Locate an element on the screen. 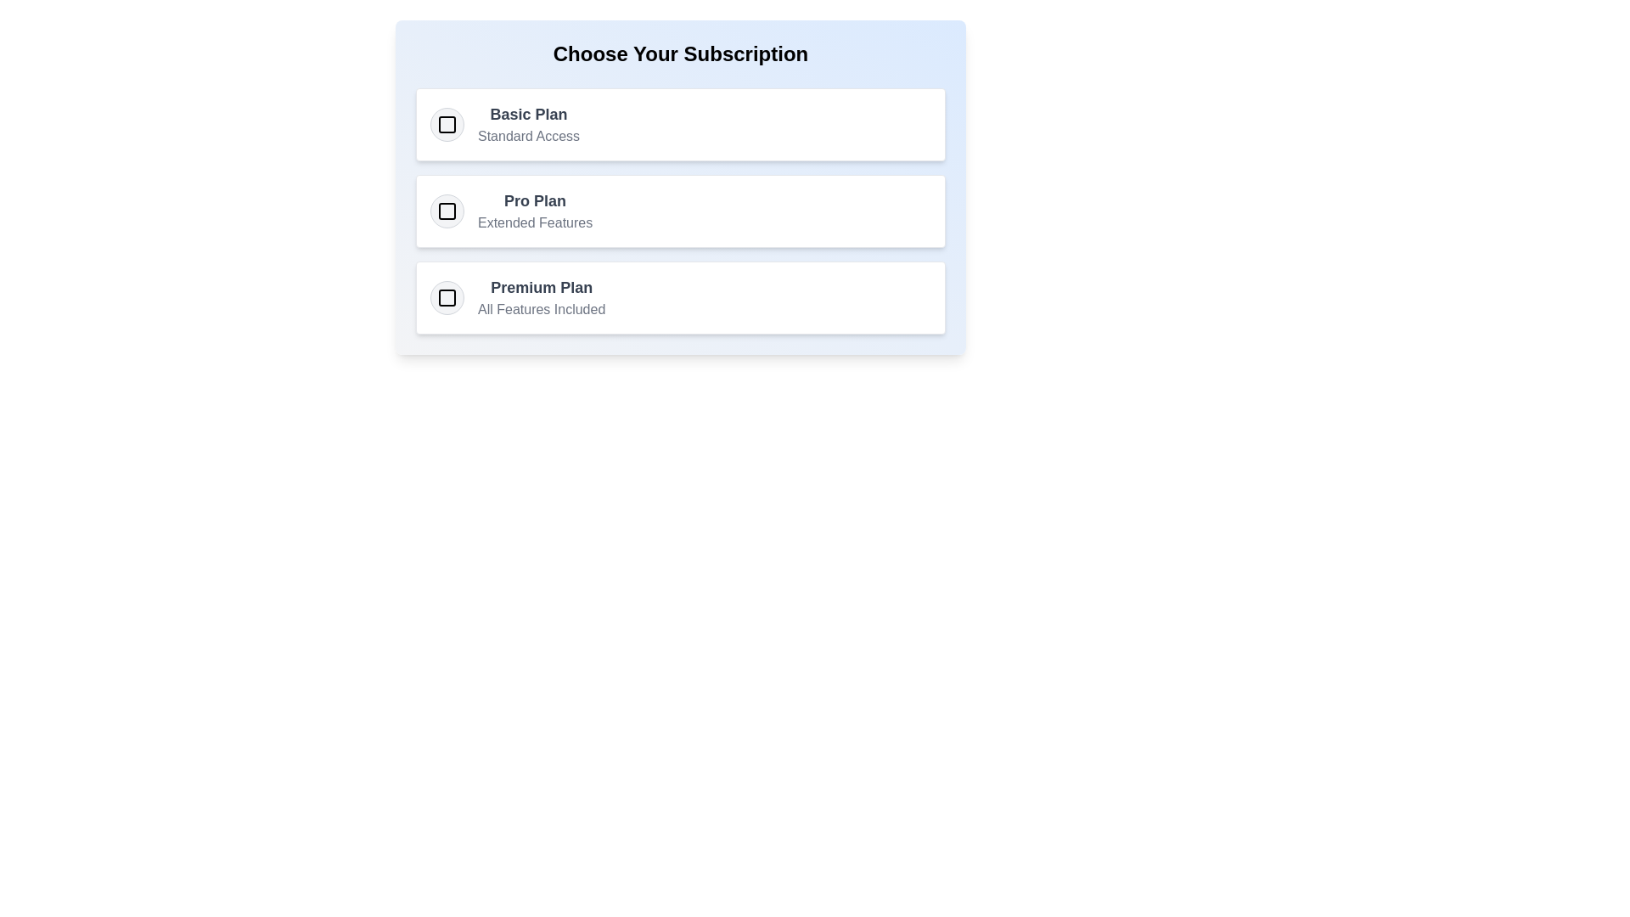  the subscription option corresponding to Premium Plan is located at coordinates (447, 297).